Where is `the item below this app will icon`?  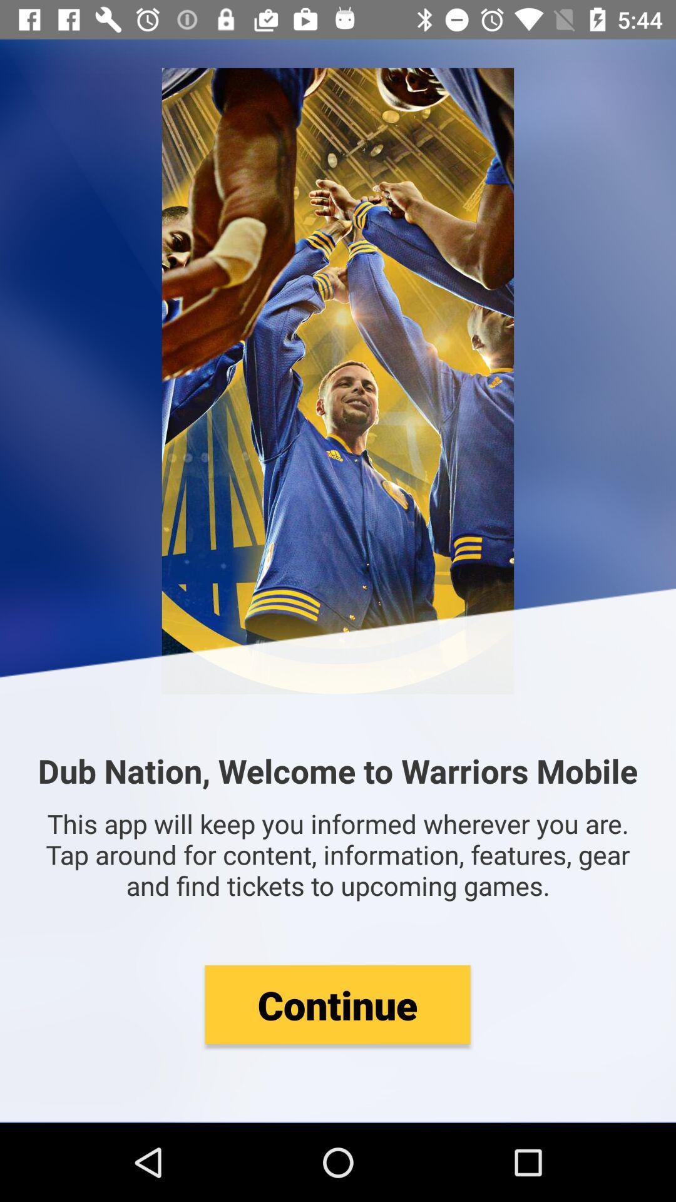
the item below this app will icon is located at coordinates (337, 1004).